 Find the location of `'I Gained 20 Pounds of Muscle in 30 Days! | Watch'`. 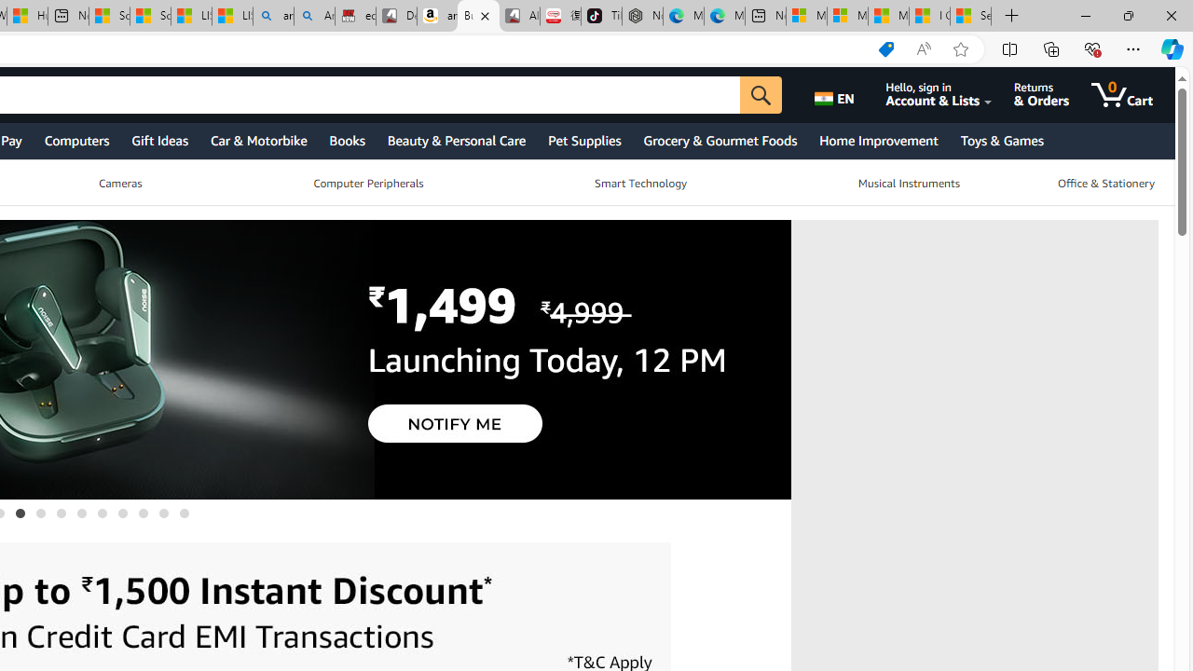

'I Gained 20 Pounds of Muscle in 30 Days! | Watch' is located at coordinates (929, 16).